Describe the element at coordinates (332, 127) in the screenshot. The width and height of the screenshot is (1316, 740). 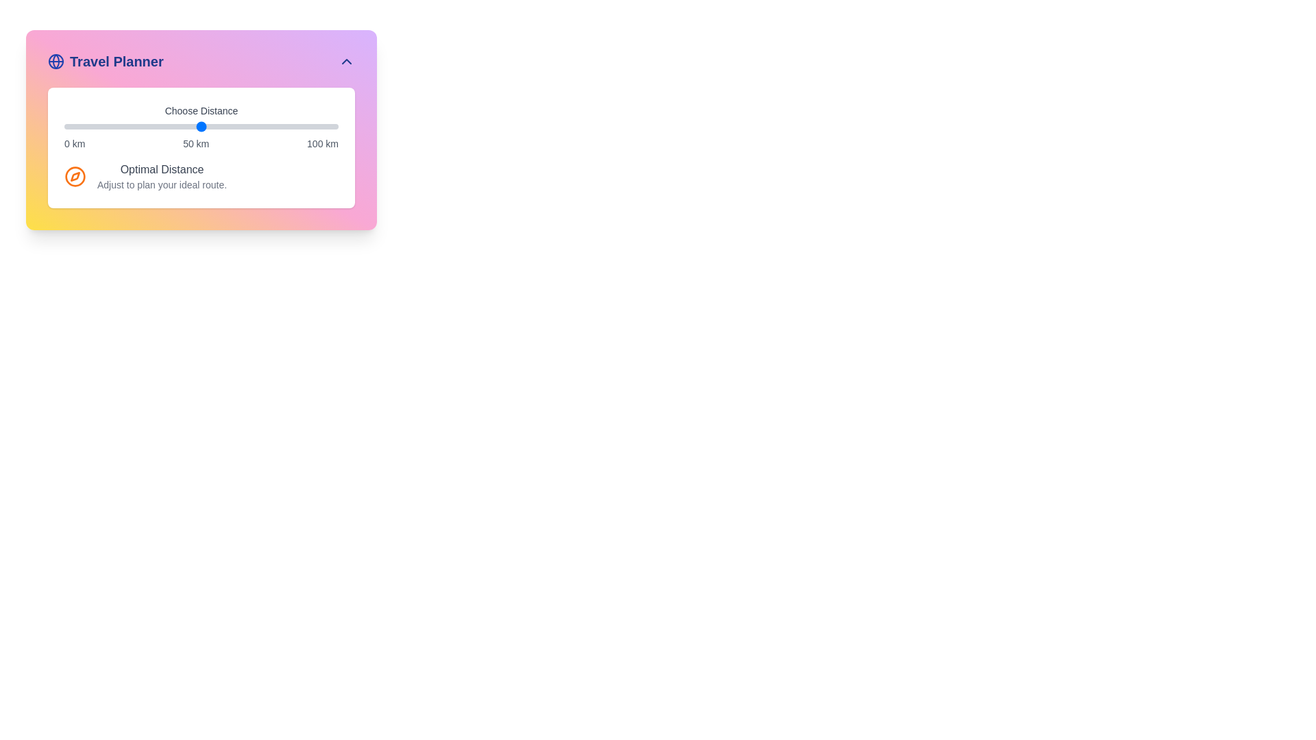
I see `the distance slider` at that location.